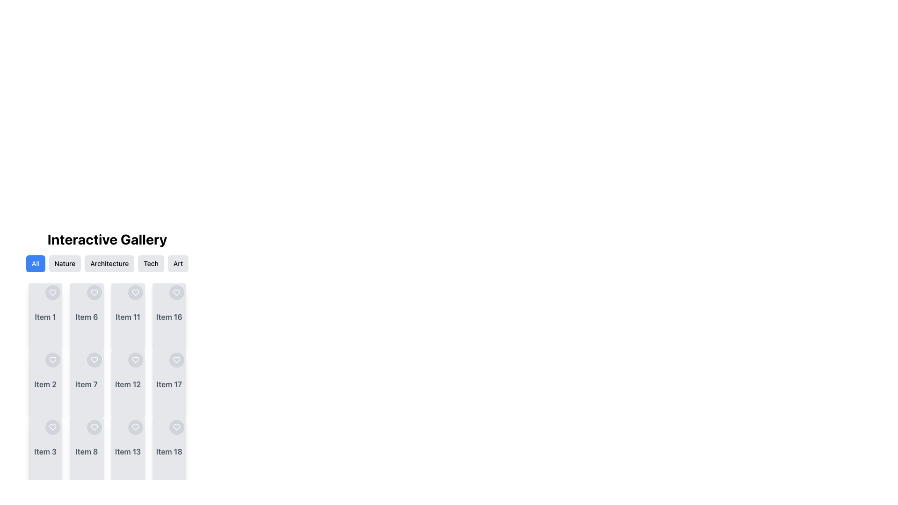 The height and width of the screenshot is (505, 898). Describe the element at coordinates (94, 427) in the screenshot. I see `the favorite icon located in the second column of the gallery grid, in the second row` at that location.